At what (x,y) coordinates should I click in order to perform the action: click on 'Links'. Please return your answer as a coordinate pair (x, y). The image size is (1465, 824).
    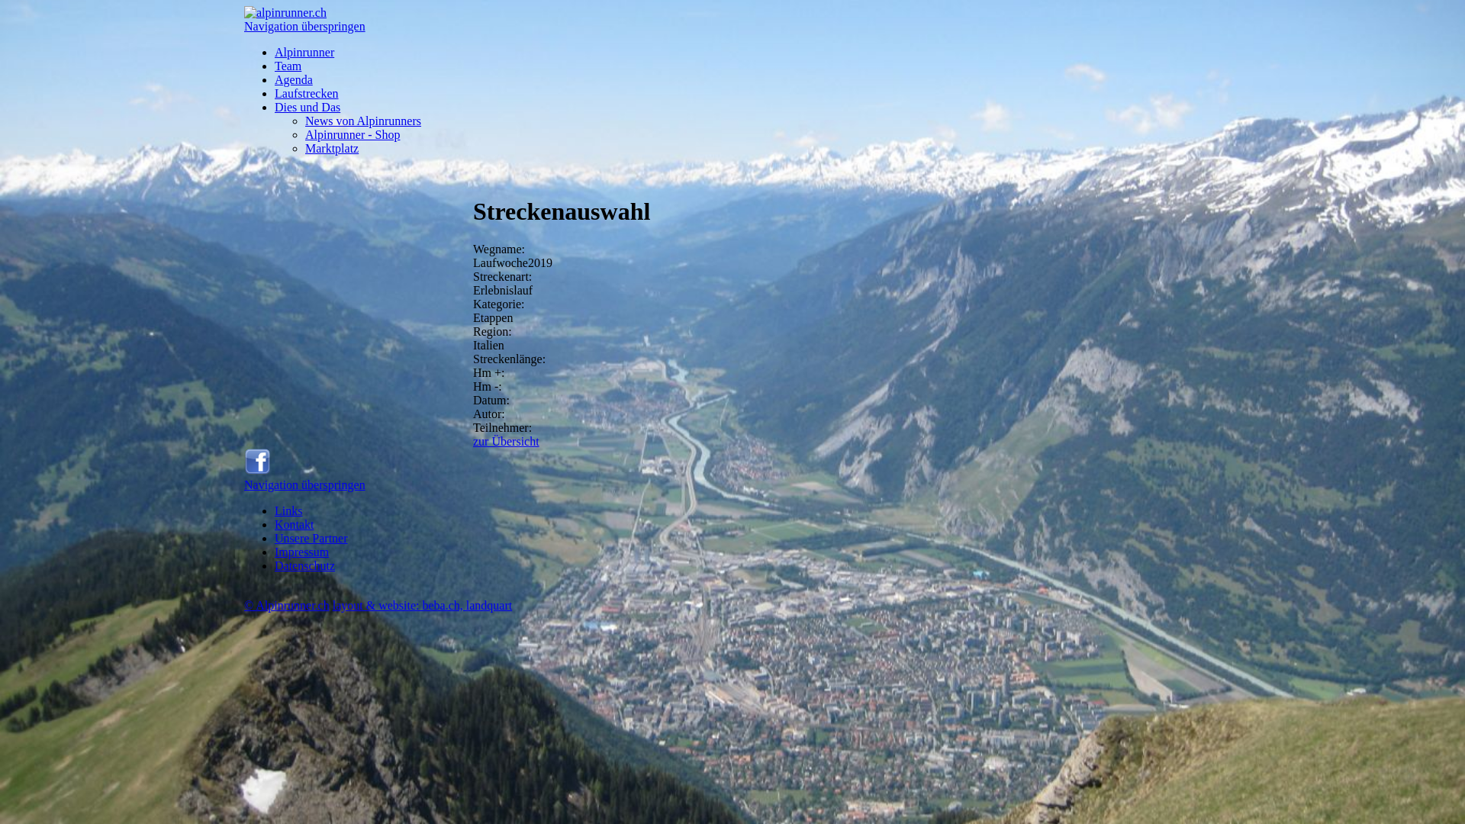
    Looking at the image, I should click on (275, 510).